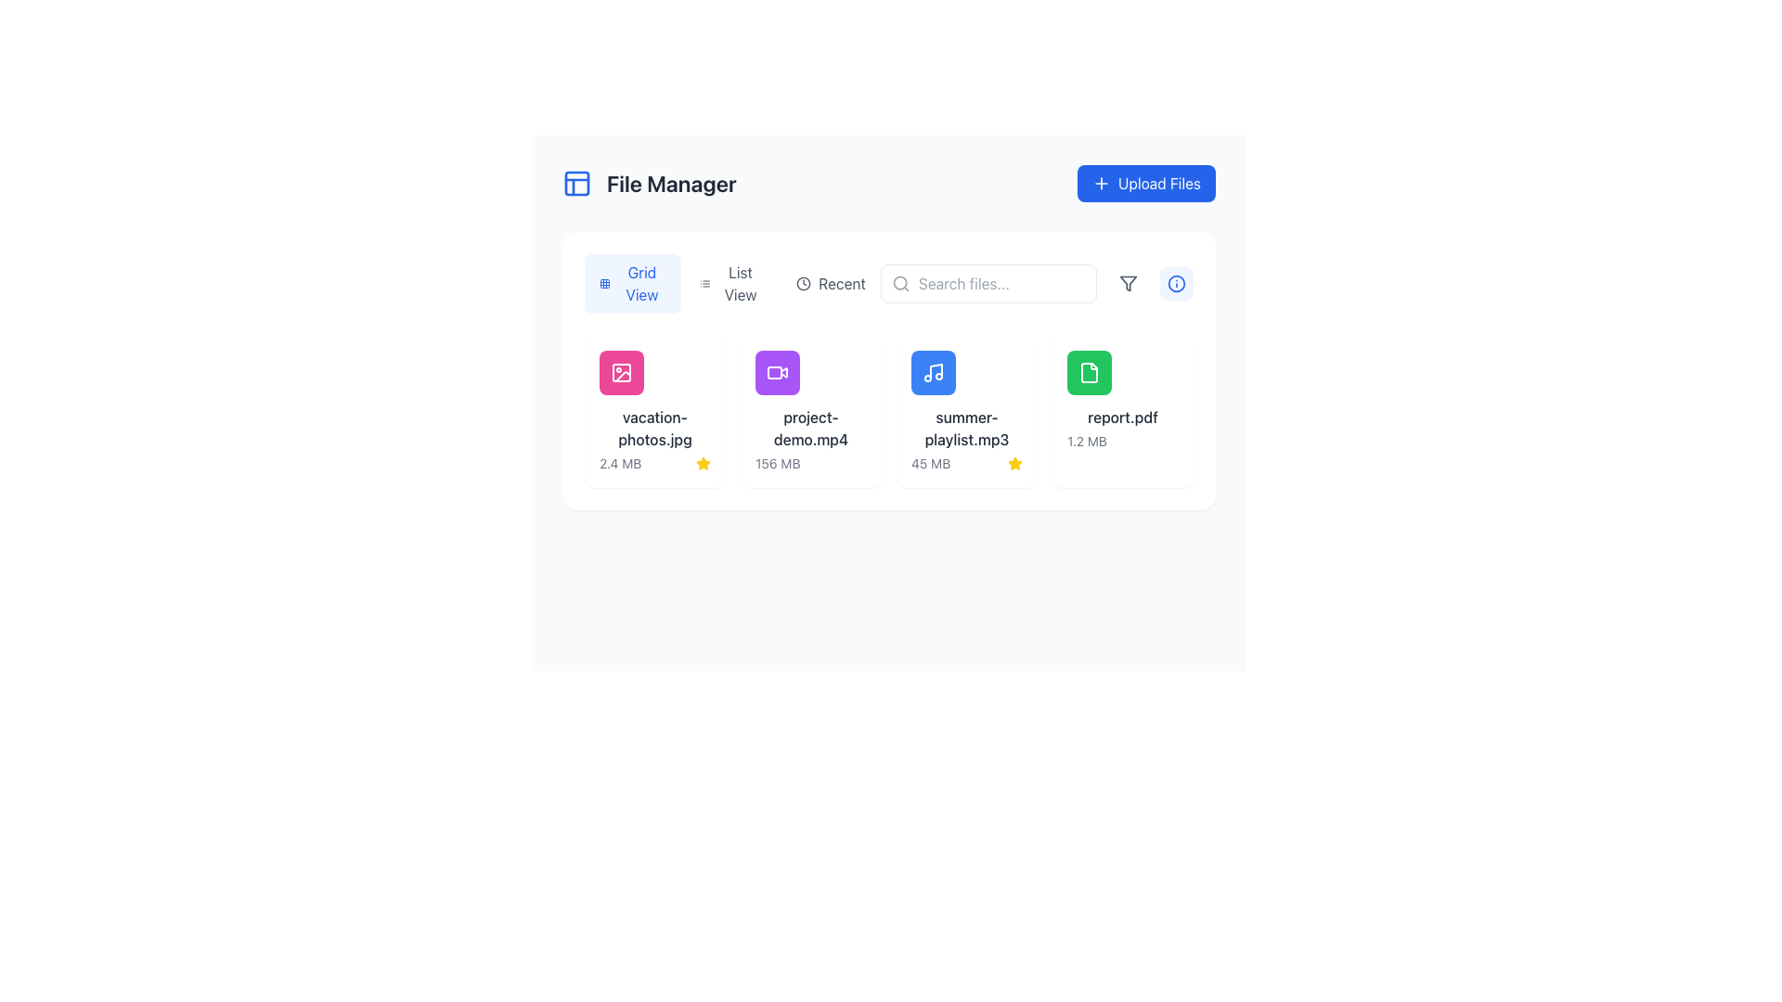 This screenshot has width=1782, height=1002. What do you see at coordinates (810, 410) in the screenshot?
I see `the File display card labeled 'project-demo.mp4', which has a purple video camera icon and is positioned` at bounding box center [810, 410].